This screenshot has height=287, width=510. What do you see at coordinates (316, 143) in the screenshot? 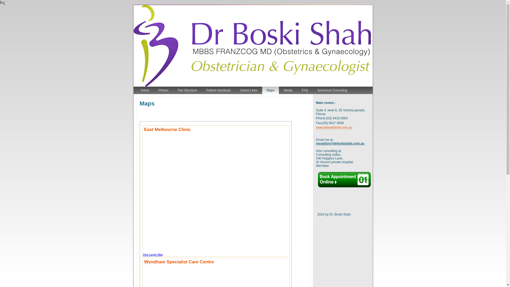
I see `'reception@drboskishah.com.au'` at bounding box center [316, 143].